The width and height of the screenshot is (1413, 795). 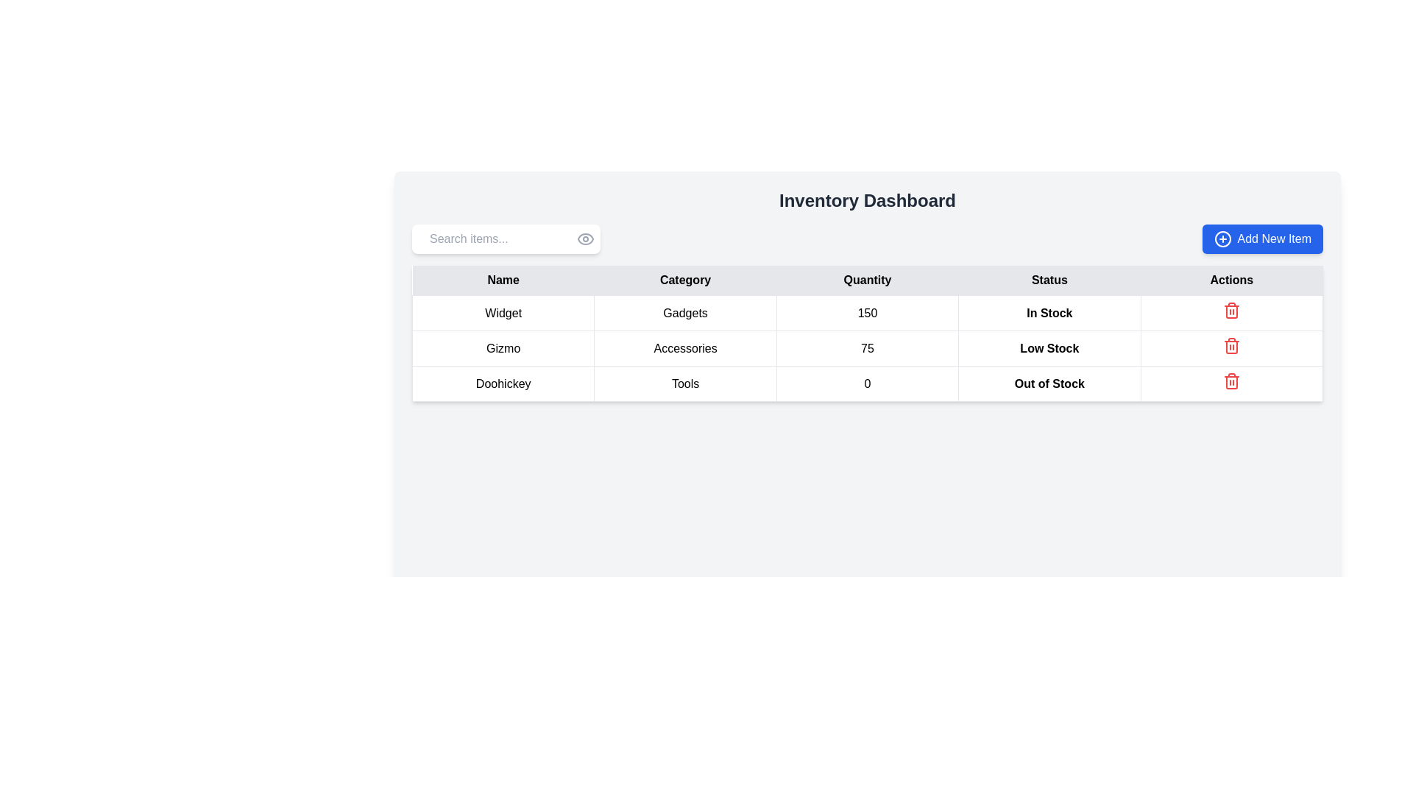 I want to click on the 'In Stock' text label, which is styled with a slightly emphasized bold font and is located under the 'Status' column in the fourth row of the table, next to the '150' quantity value, so click(x=1049, y=312).